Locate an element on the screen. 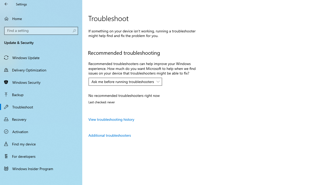  'Windows Insider Program' is located at coordinates (41, 168).